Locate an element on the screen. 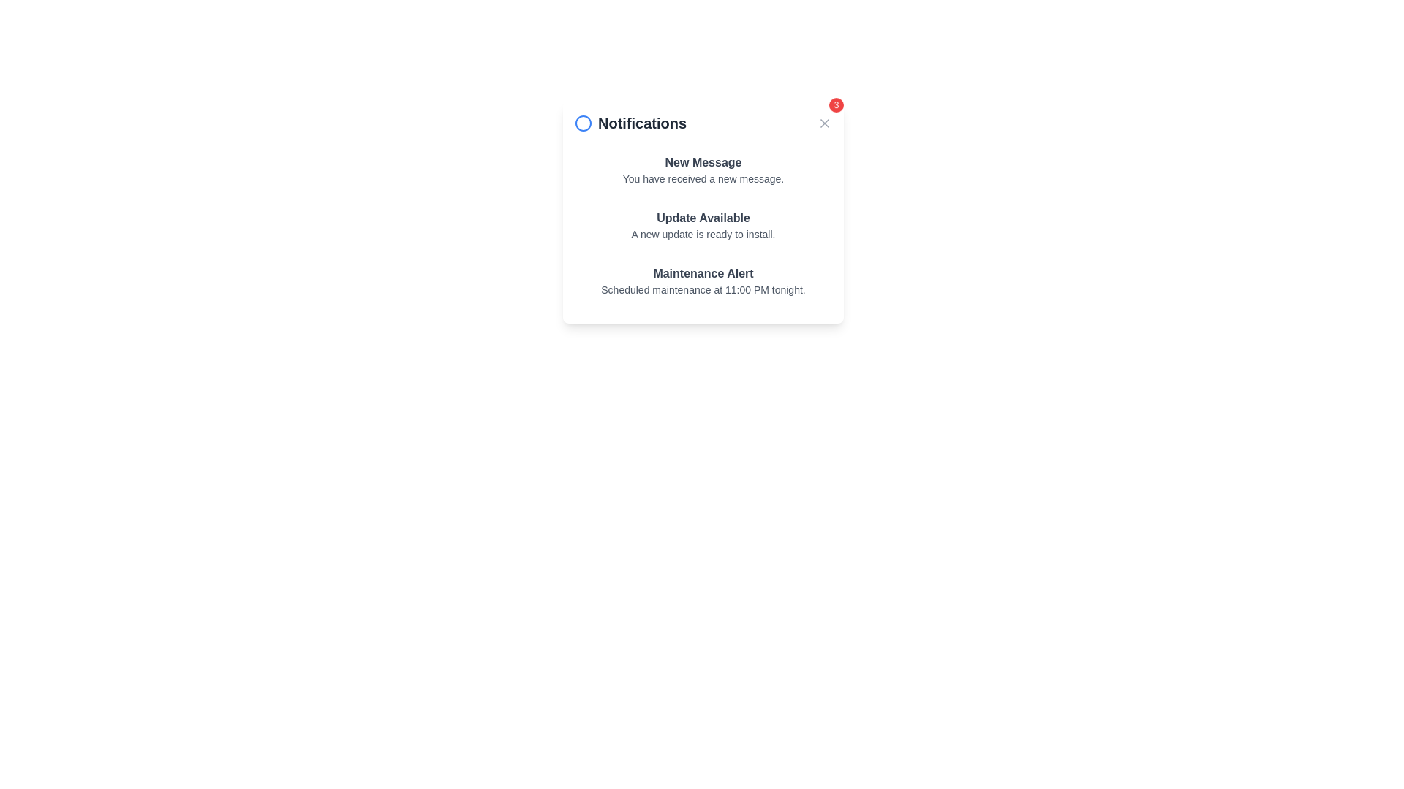  notification count from the notification badge located at the top-right corner of the notification panel is located at coordinates (836, 106).